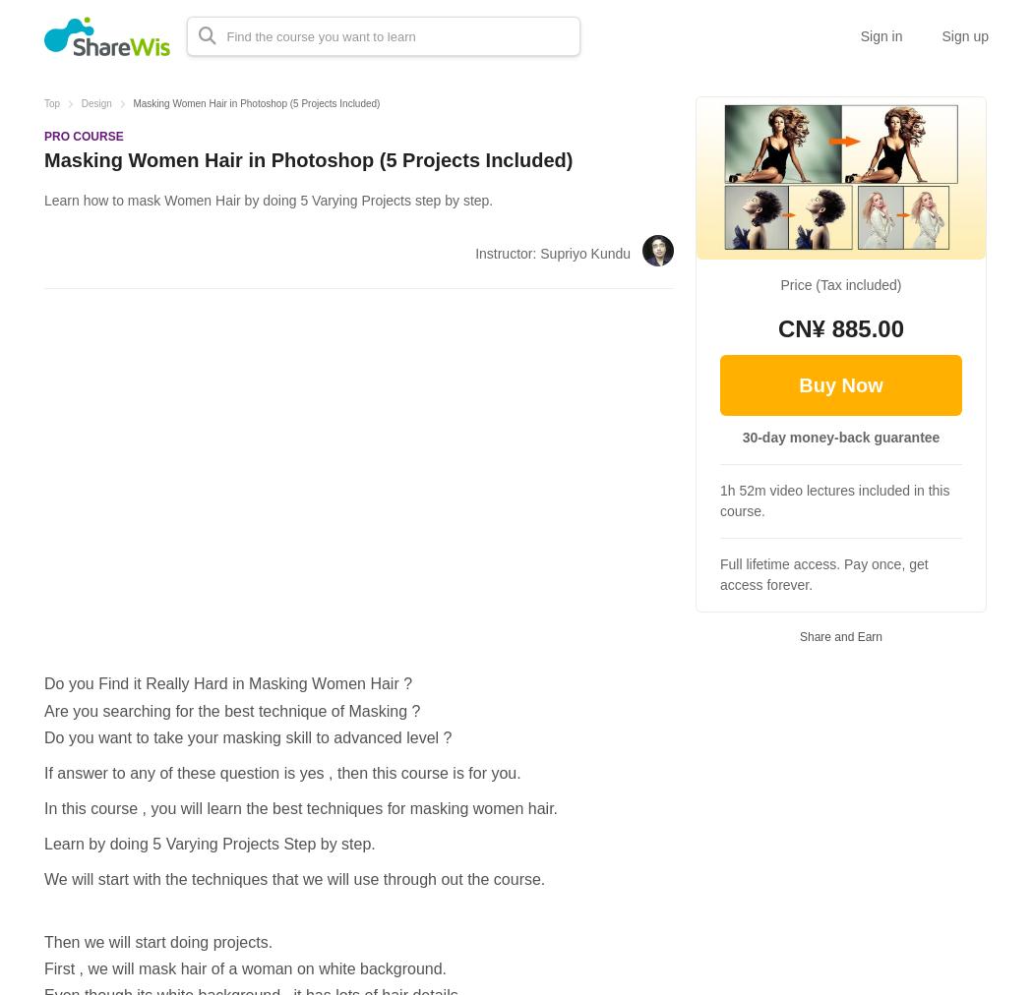 The height and width of the screenshot is (995, 1033). I want to click on 'Learn by doing 5 Varying Projects Step by step.', so click(209, 843).